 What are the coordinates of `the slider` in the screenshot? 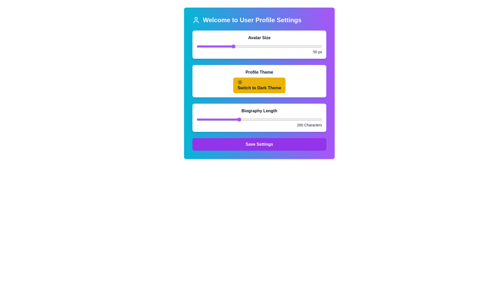 It's located at (196, 46).